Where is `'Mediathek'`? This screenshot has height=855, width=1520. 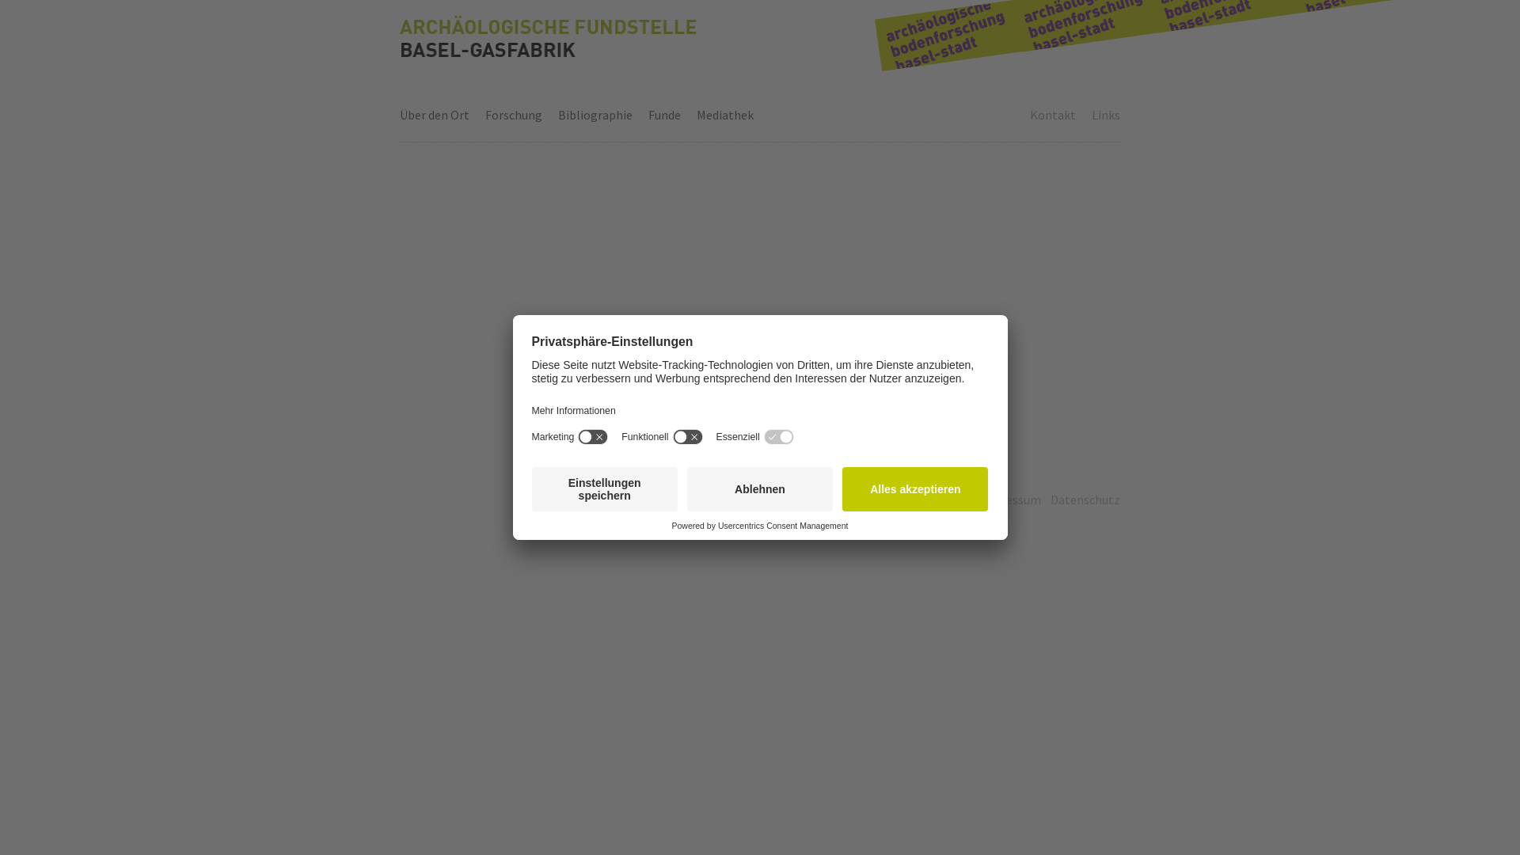
'Mediathek' is located at coordinates (724, 114).